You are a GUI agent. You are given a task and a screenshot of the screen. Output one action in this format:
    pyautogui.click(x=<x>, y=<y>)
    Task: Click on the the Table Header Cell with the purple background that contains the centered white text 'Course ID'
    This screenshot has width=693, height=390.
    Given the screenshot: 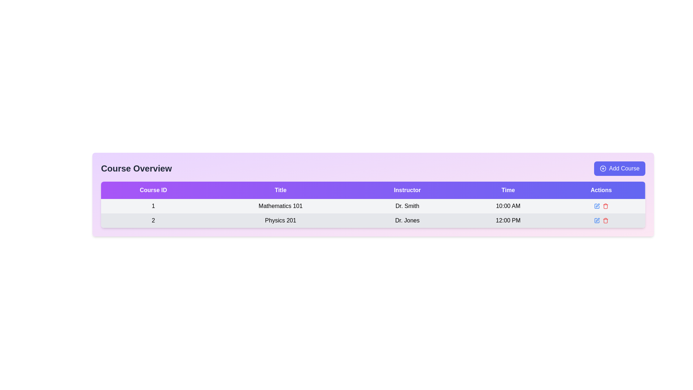 What is the action you would take?
    pyautogui.click(x=153, y=190)
    